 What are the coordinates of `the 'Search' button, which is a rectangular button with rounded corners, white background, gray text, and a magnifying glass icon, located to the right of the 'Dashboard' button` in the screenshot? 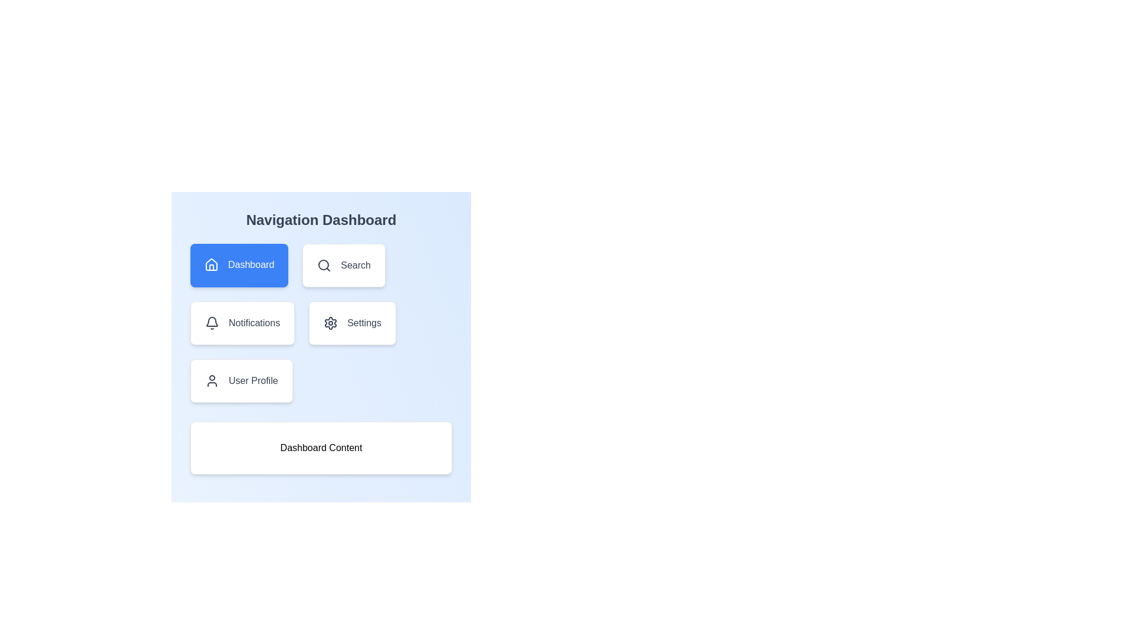 It's located at (343, 266).